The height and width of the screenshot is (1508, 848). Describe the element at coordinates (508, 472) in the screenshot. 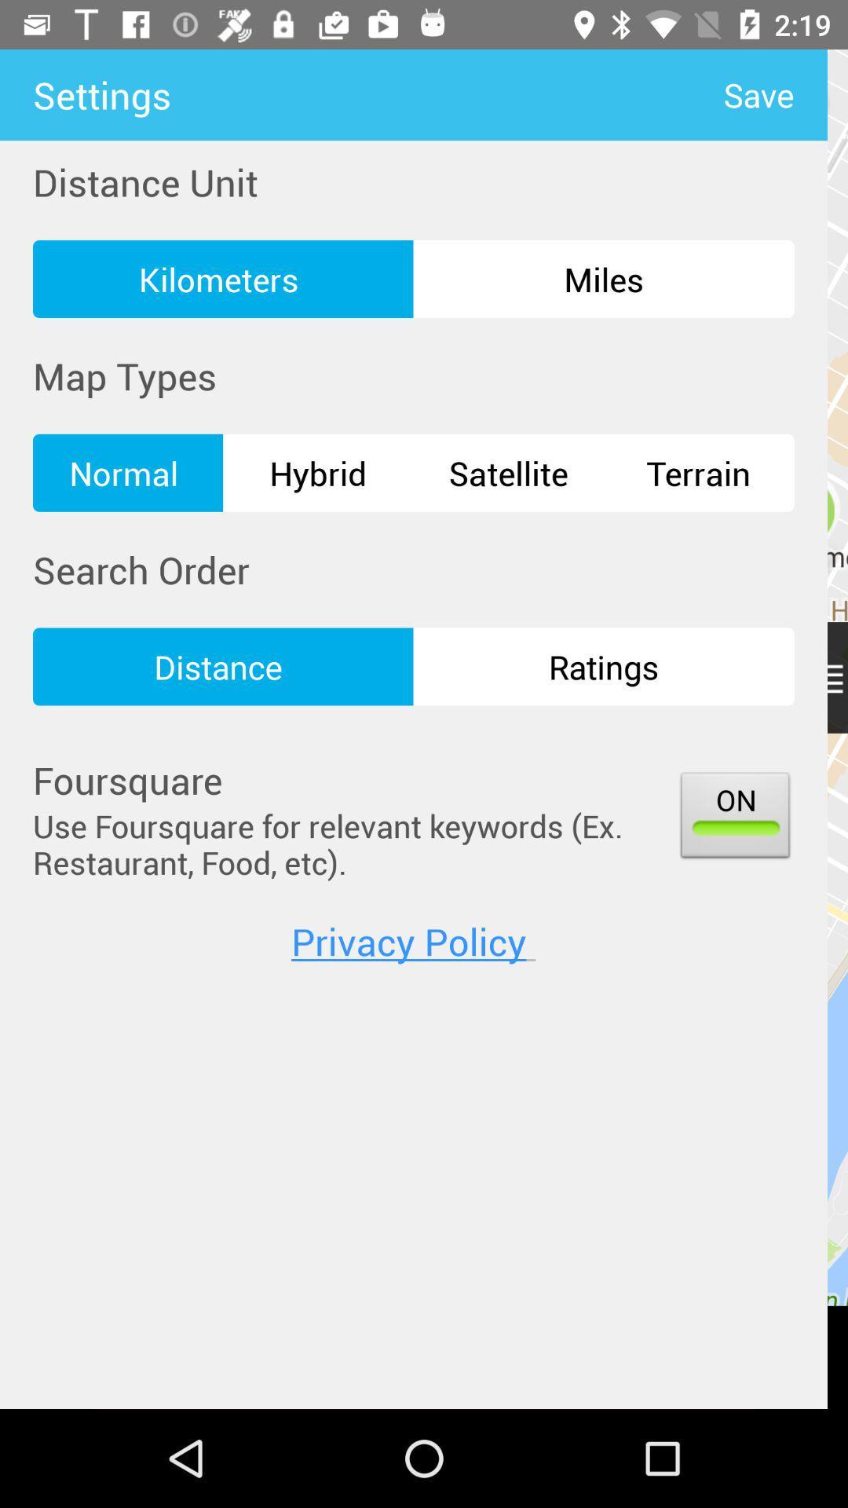

I see `the item above distance` at that location.